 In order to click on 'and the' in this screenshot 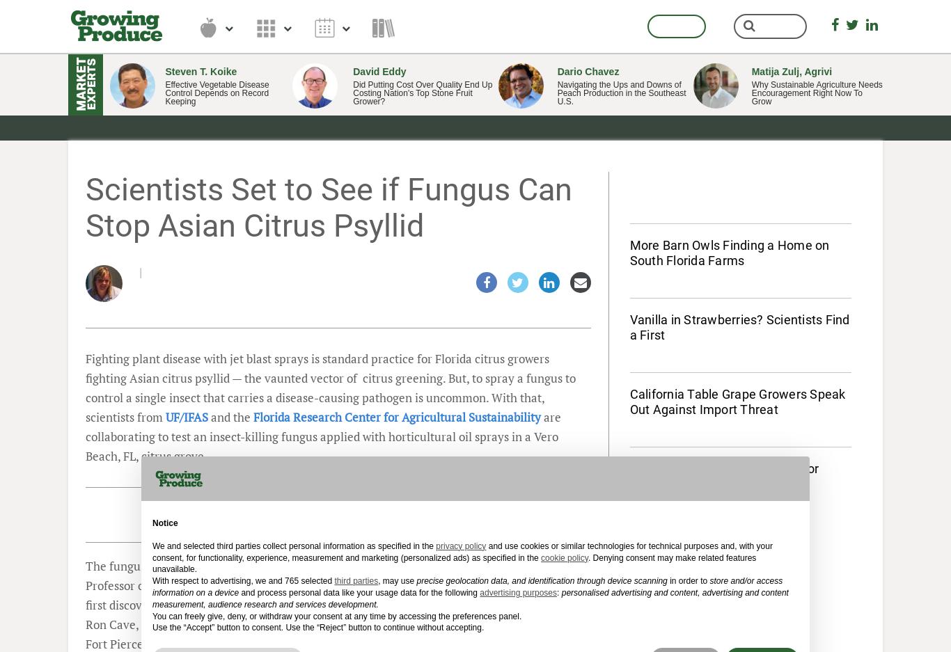, I will do `click(230, 416)`.